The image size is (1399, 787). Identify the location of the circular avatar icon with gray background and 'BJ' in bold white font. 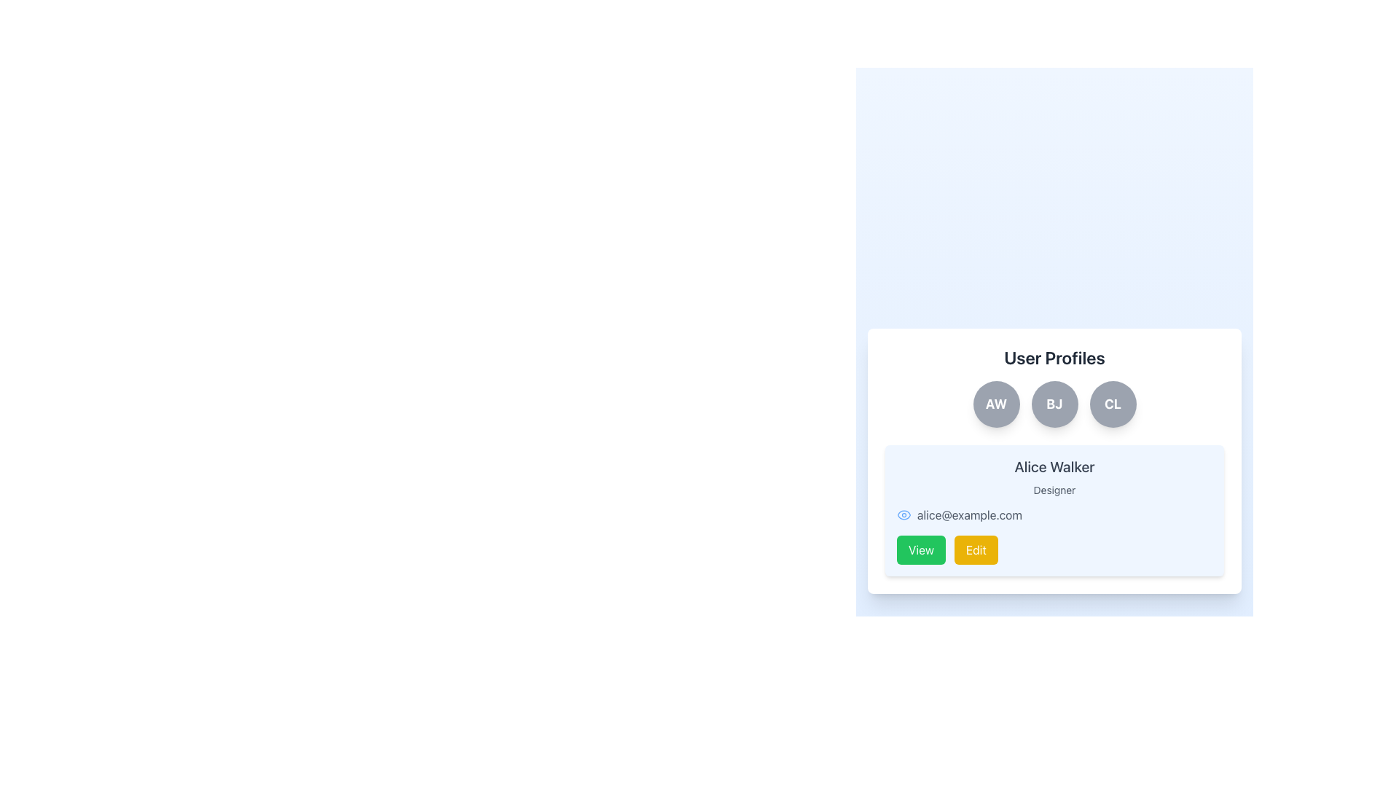
(1054, 404).